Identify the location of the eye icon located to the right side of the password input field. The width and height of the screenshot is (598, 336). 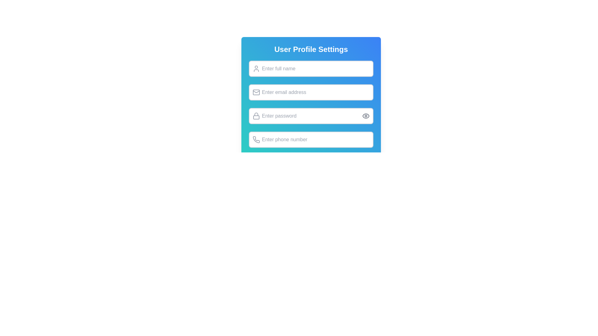
(366, 116).